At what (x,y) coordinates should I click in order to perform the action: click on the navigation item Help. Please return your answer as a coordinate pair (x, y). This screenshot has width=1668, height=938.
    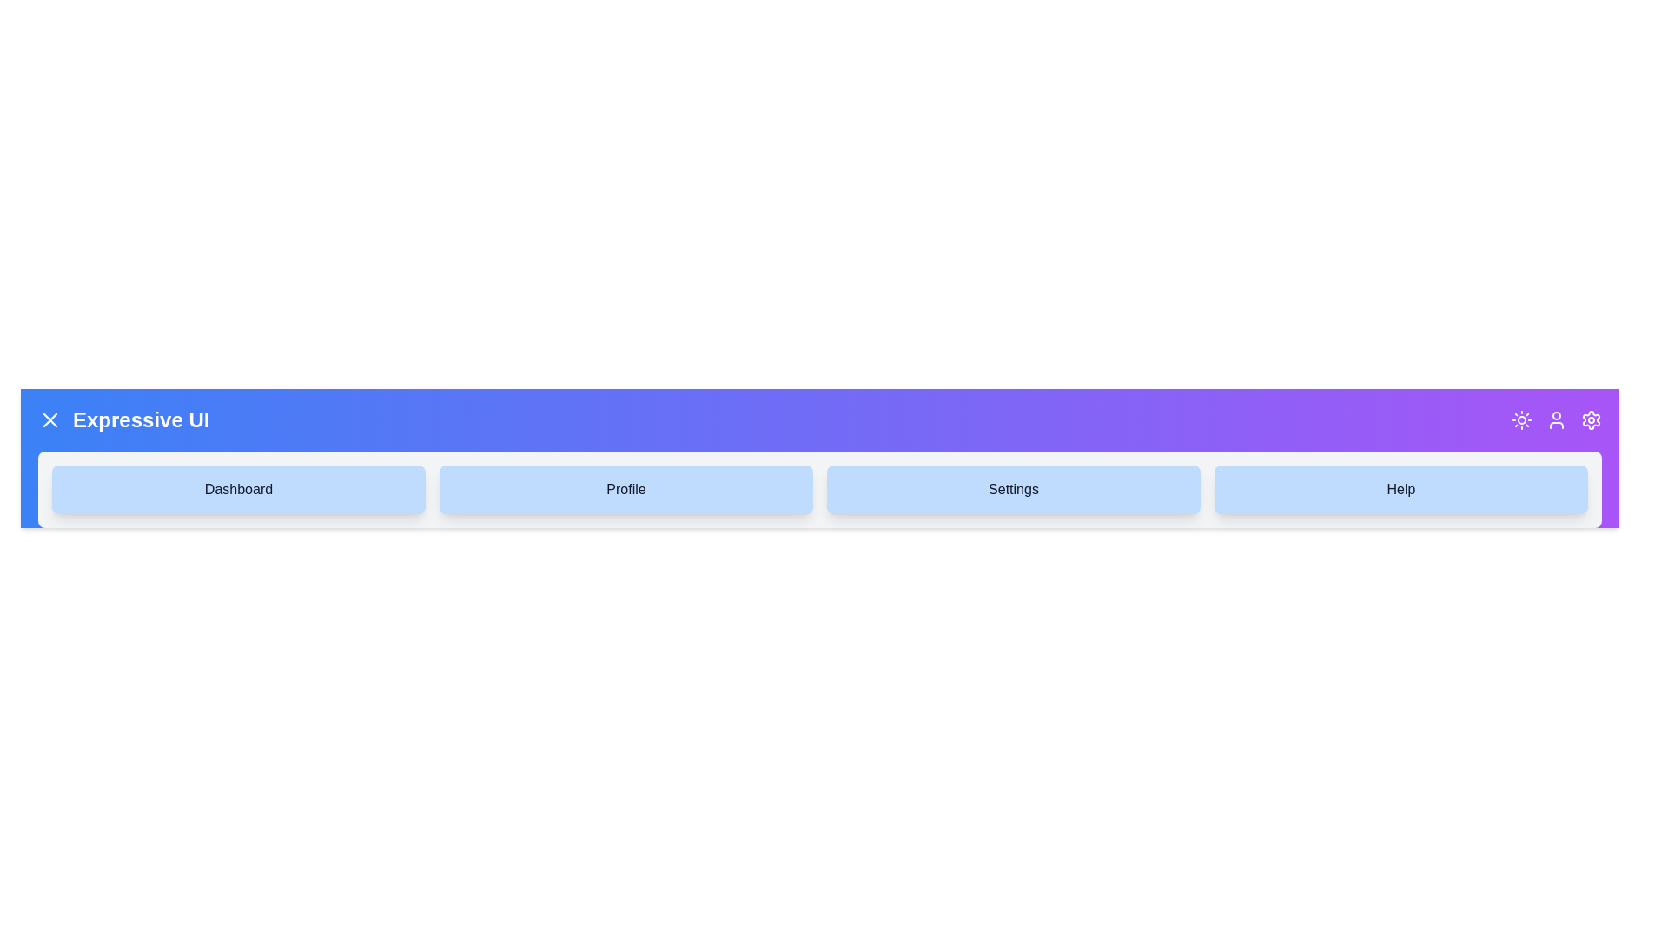
    Looking at the image, I should click on (1400, 489).